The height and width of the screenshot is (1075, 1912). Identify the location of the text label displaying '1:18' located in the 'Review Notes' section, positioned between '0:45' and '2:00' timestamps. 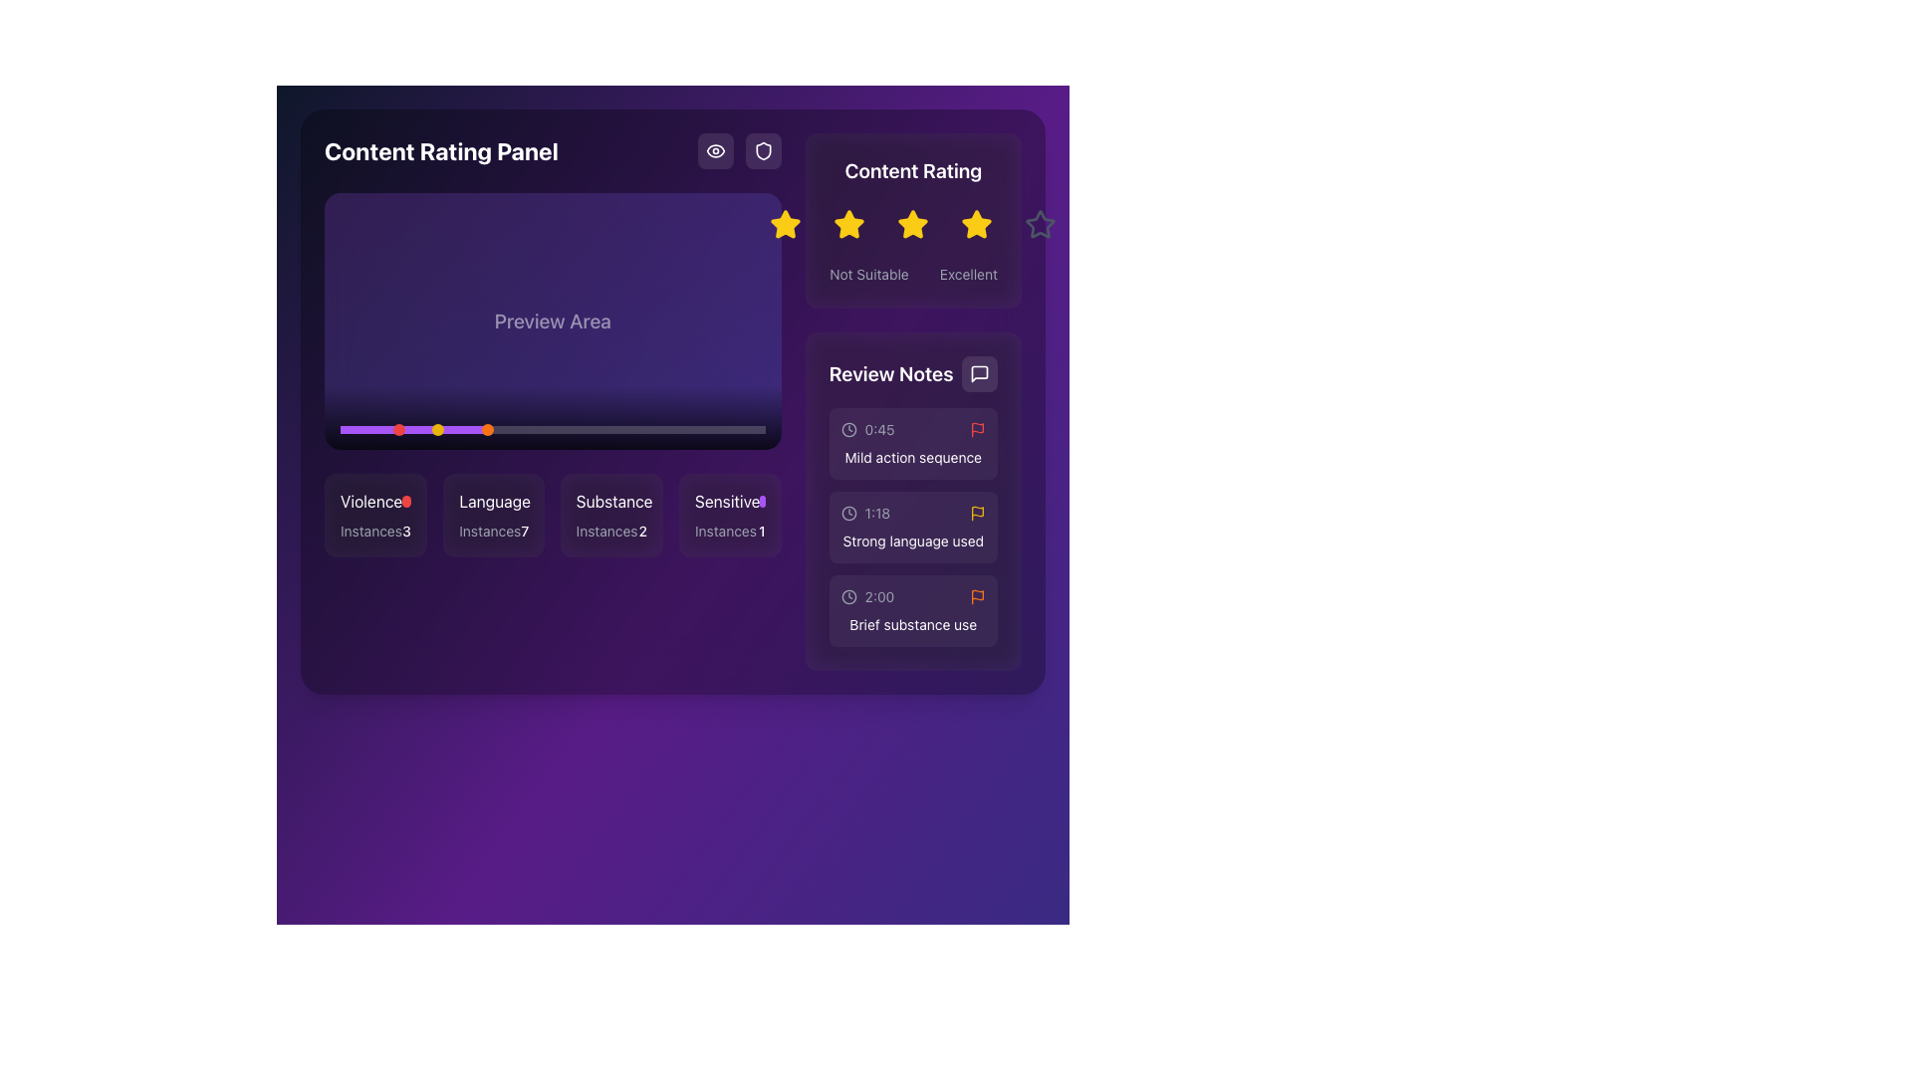
(876, 513).